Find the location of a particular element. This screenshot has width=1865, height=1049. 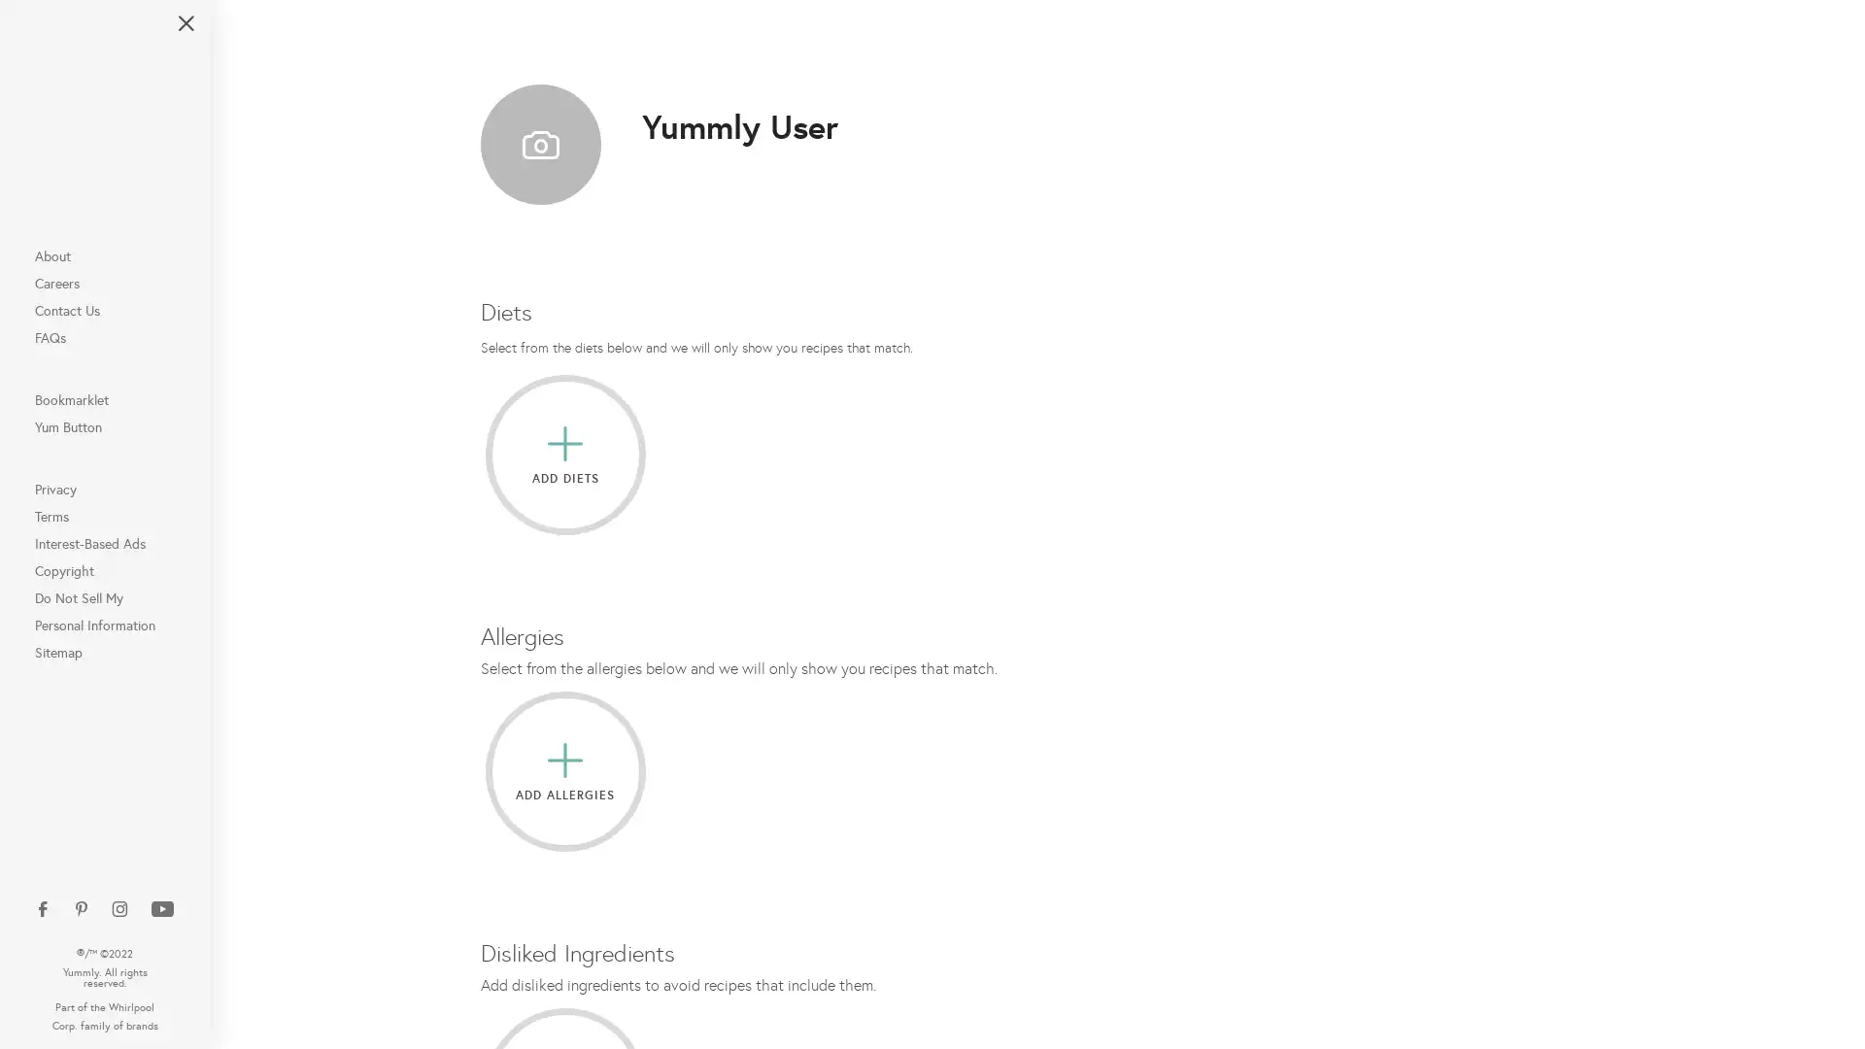

Connect with Google is located at coordinates (1035, 558).